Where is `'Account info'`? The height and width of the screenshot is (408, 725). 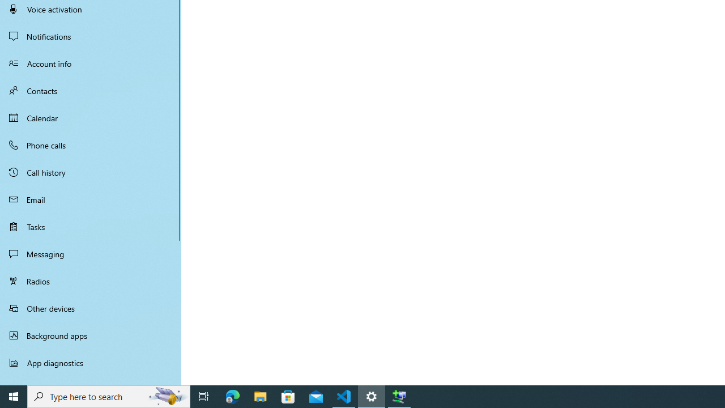
'Account info' is located at coordinates (91, 63).